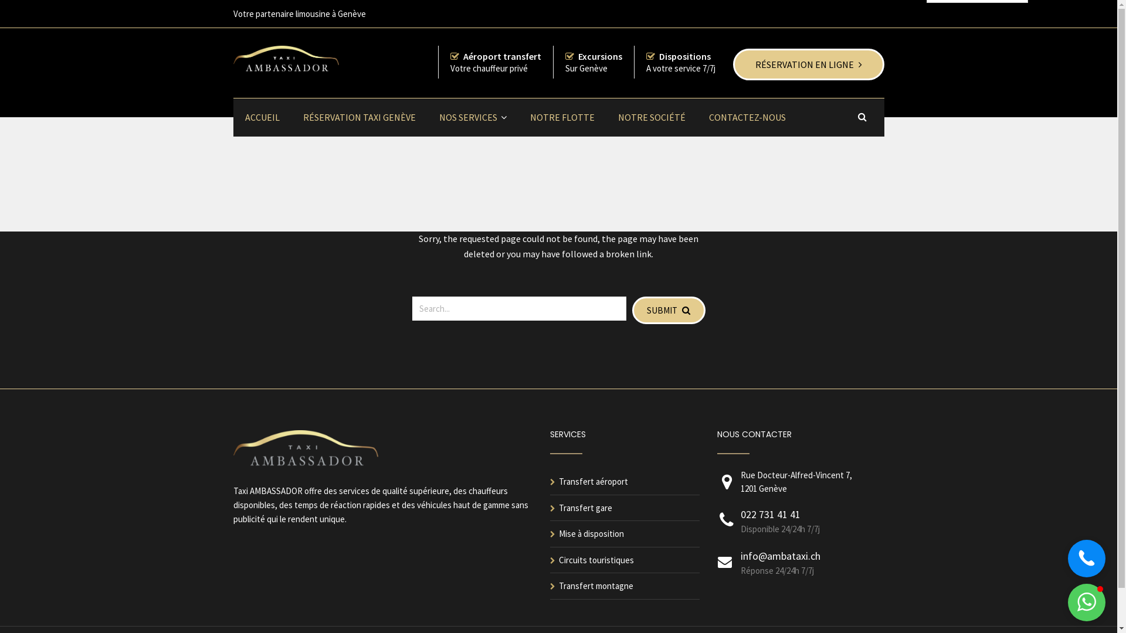 This screenshot has width=1126, height=633. Describe the element at coordinates (472, 117) in the screenshot. I see `'NOS SERVICES'` at that location.